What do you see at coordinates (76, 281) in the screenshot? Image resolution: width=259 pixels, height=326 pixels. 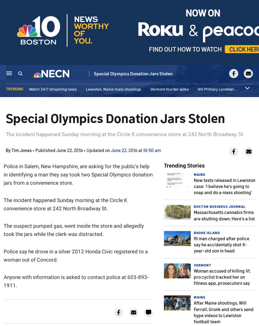 I see `'Anyone with information is asked to contact police at 603-893-1911.'` at bounding box center [76, 281].